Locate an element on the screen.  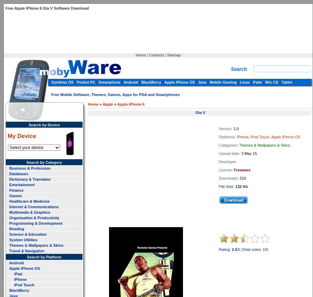
'Search by Platform' is located at coordinates (44, 256).